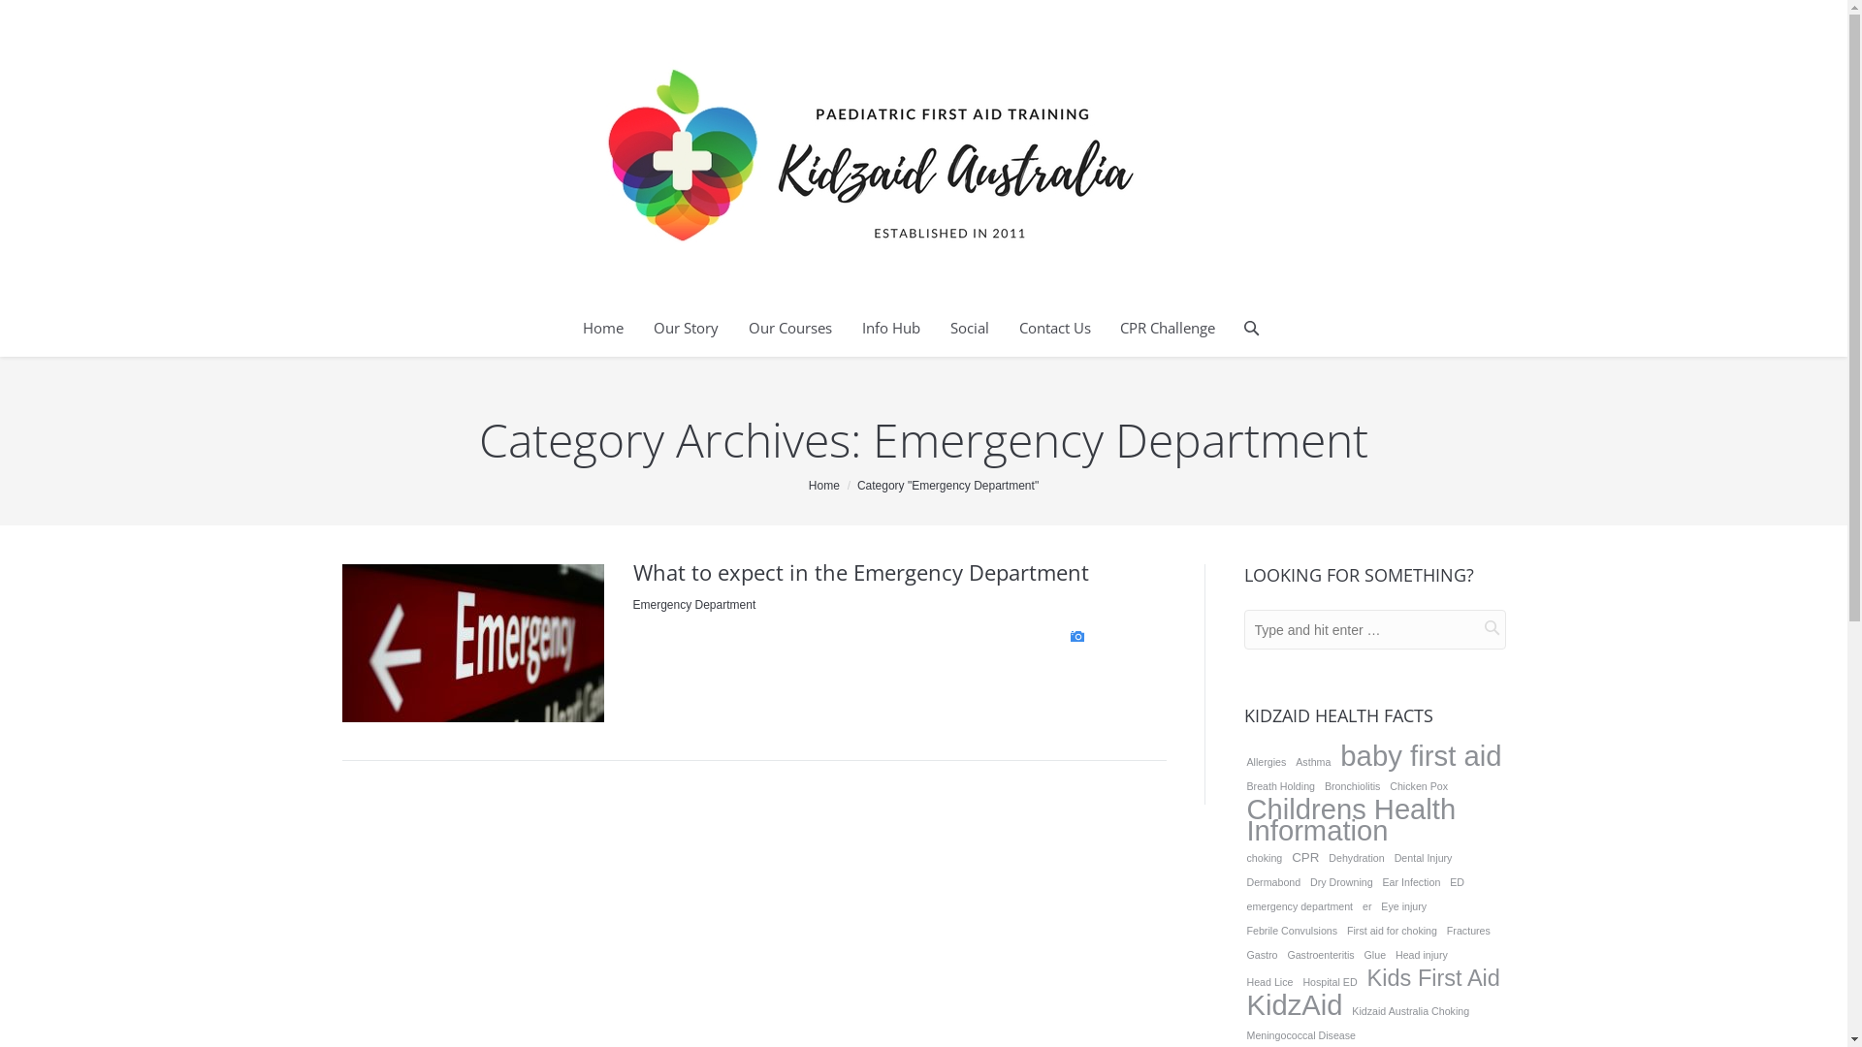 The image size is (1862, 1047). Describe the element at coordinates (1351, 785) in the screenshot. I see `'Bronchiolitis'` at that location.